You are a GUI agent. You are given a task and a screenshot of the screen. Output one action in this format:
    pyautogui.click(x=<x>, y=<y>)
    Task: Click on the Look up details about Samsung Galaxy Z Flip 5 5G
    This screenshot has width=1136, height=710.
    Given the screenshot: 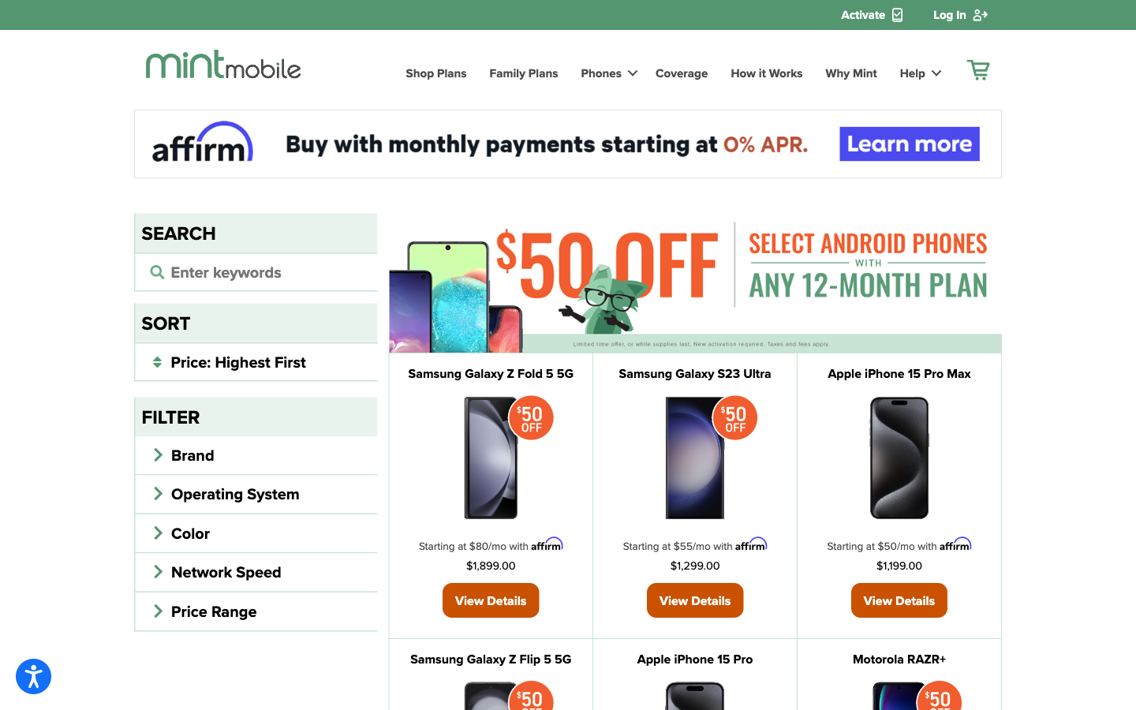 What is the action you would take?
    pyautogui.click(x=489, y=659)
    